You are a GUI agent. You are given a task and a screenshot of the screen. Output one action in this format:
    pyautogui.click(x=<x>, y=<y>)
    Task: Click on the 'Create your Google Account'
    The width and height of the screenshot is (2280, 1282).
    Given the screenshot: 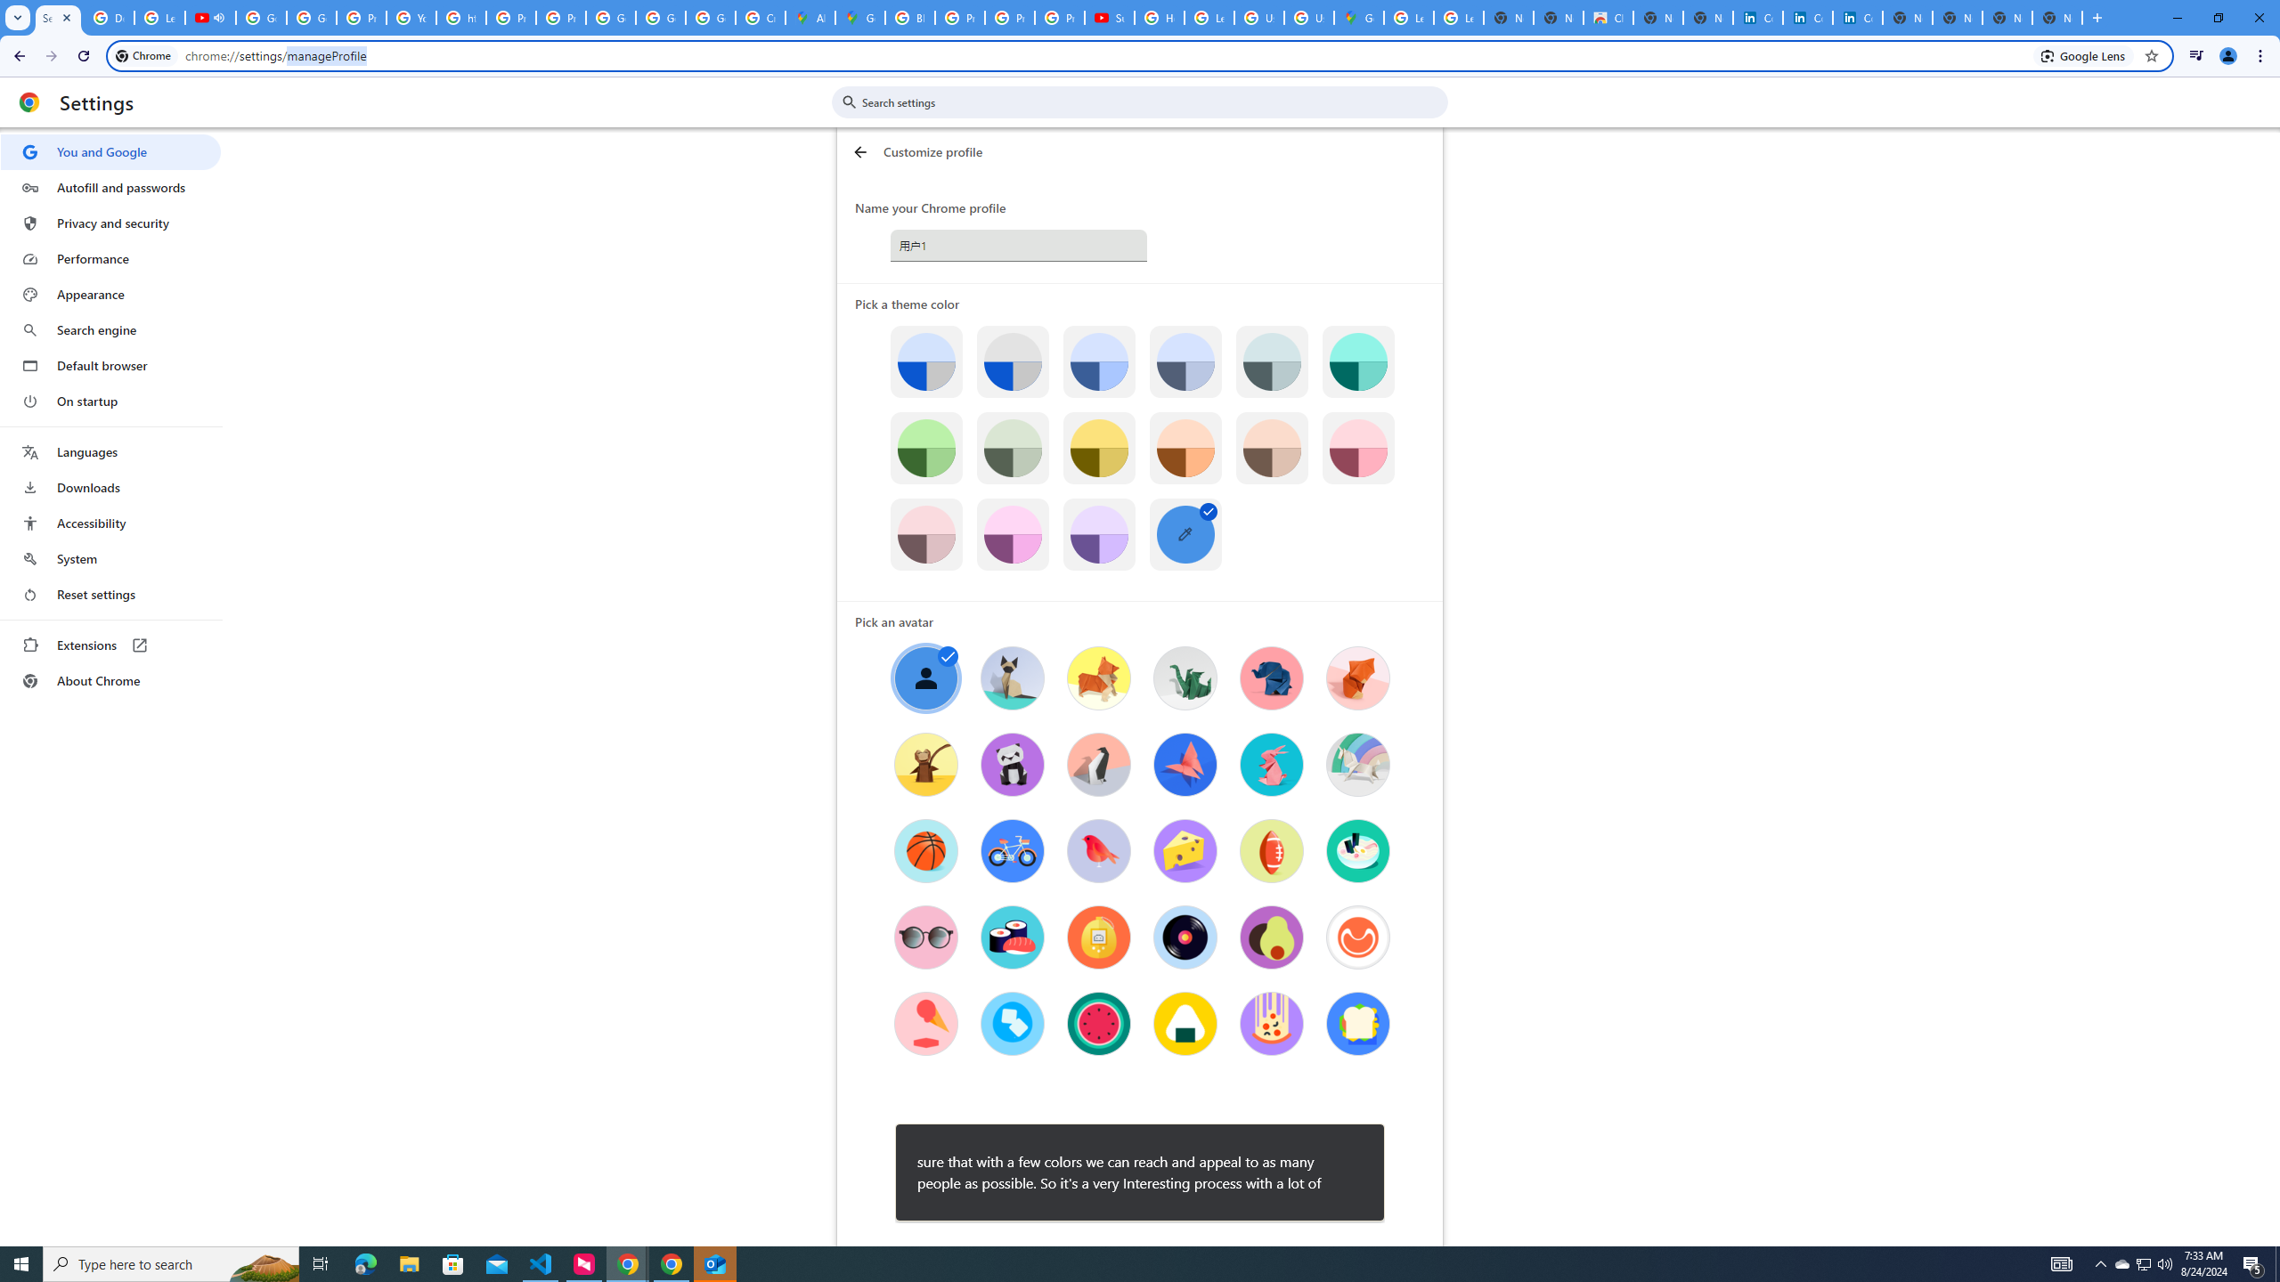 What is the action you would take?
    pyautogui.click(x=759, y=17)
    